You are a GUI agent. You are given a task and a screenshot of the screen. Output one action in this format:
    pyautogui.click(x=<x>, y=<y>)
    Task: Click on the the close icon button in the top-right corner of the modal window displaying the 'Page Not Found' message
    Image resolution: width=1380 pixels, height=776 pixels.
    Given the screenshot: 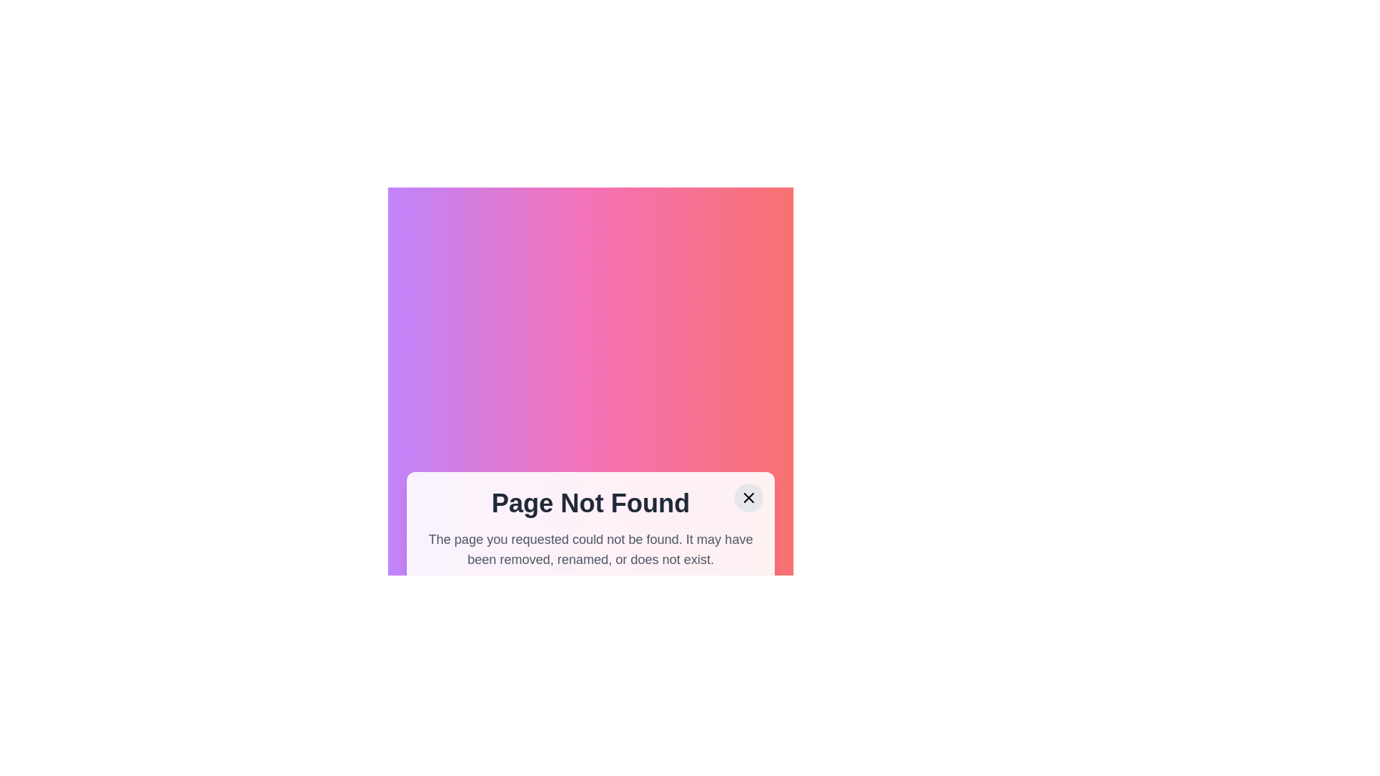 What is the action you would take?
    pyautogui.click(x=747, y=496)
    